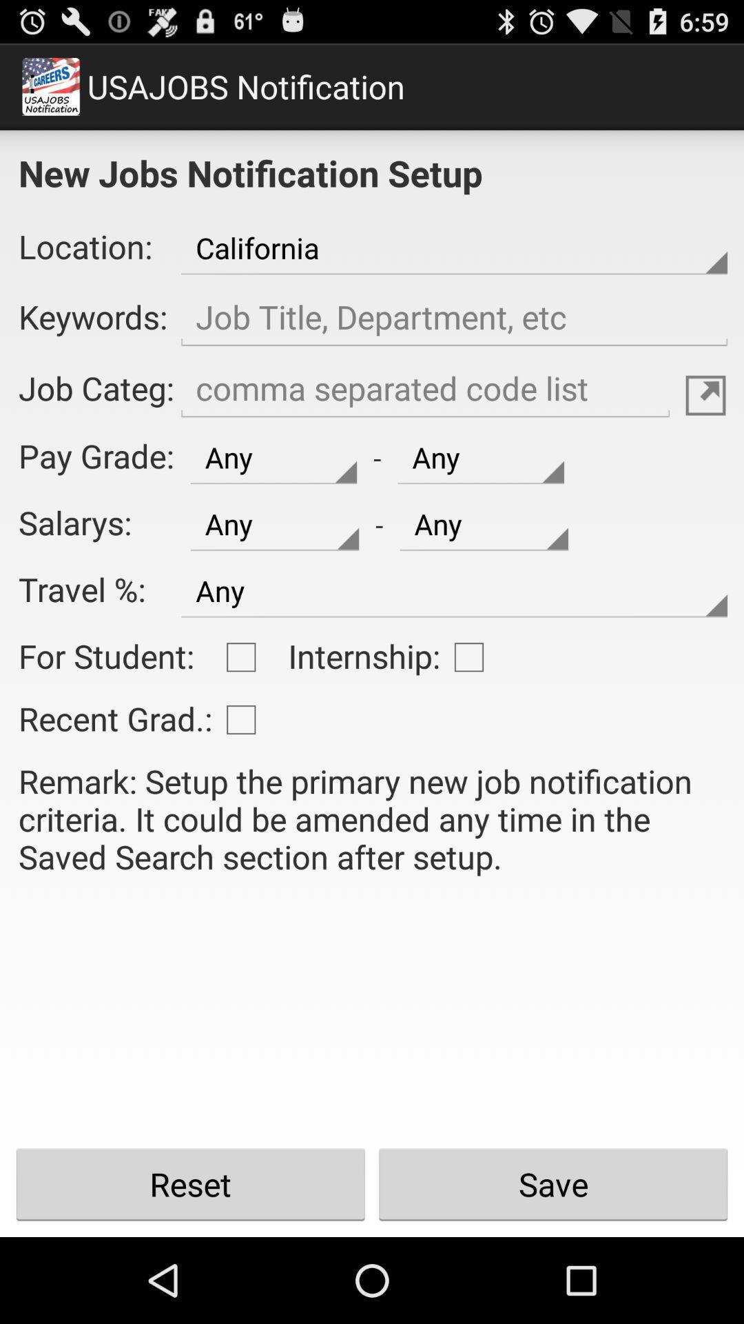 The width and height of the screenshot is (744, 1324). What do you see at coordinates (191, 1184) in the screenshot?
I see `reset` at bounding box center [191, 1184].